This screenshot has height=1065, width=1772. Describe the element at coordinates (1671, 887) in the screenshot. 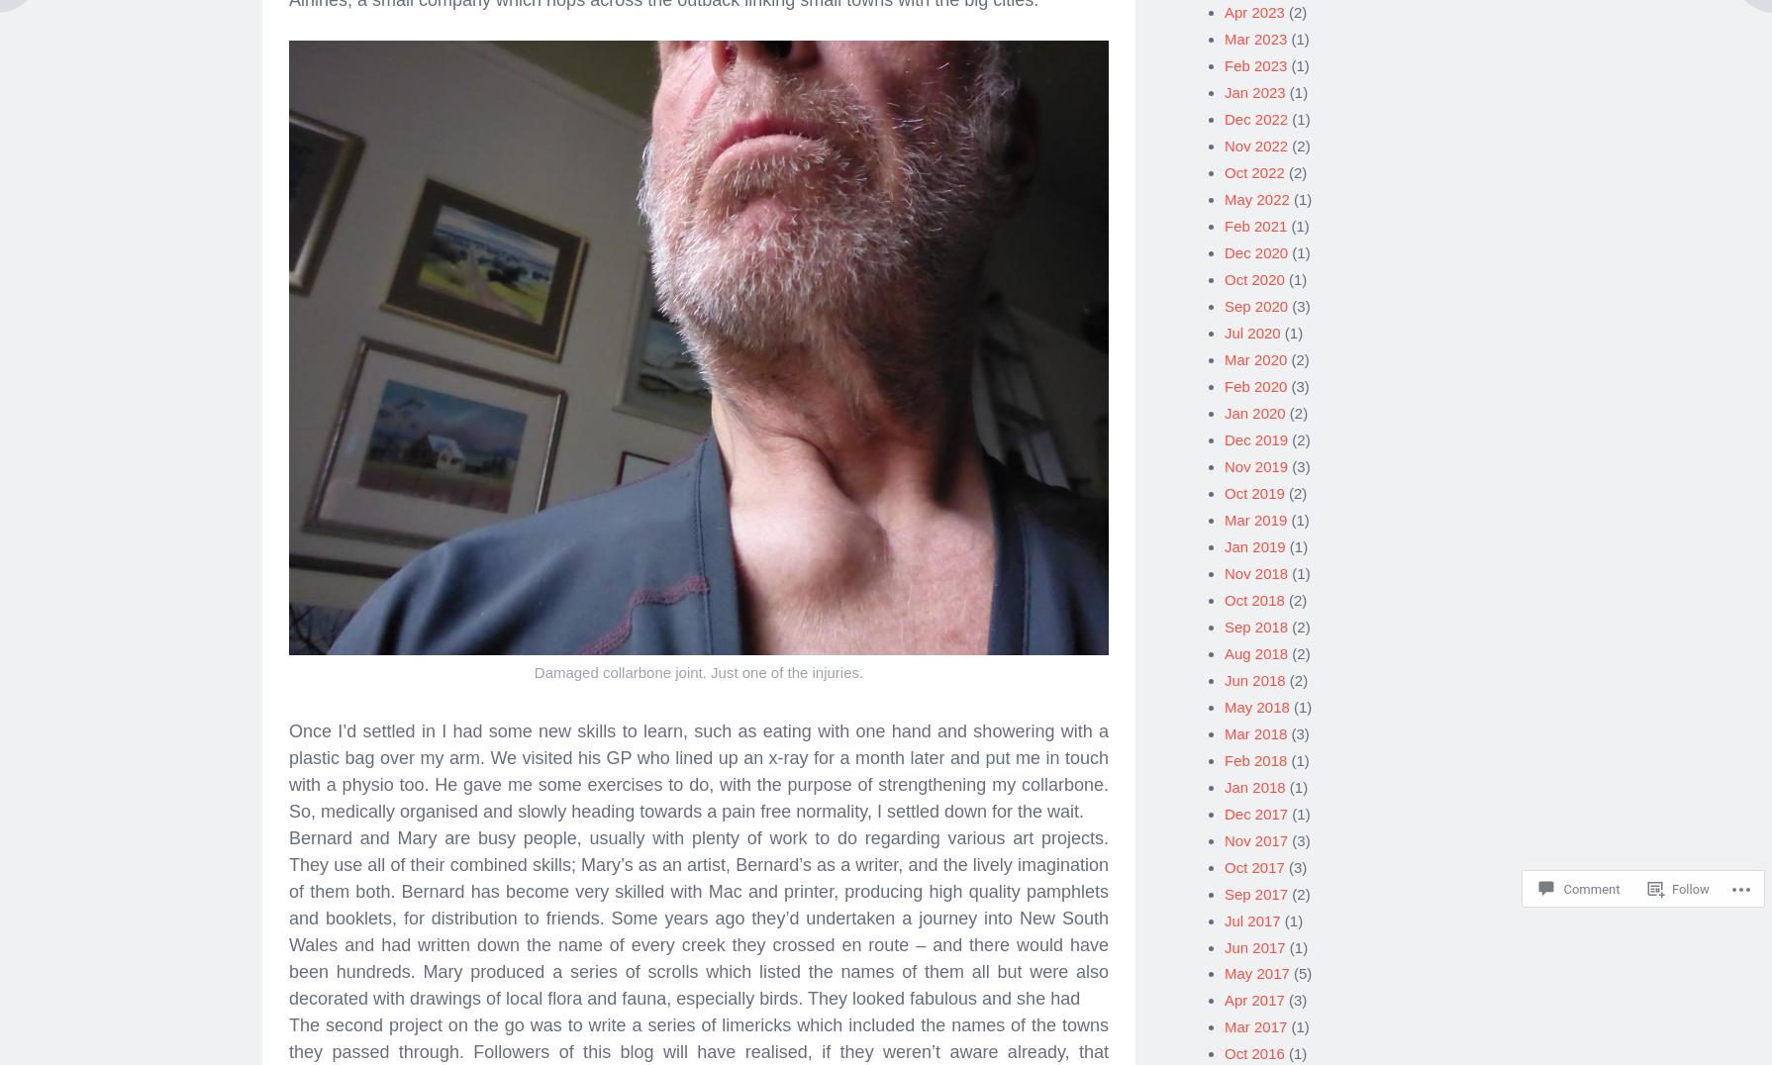

I see `'Follow'` at that location.